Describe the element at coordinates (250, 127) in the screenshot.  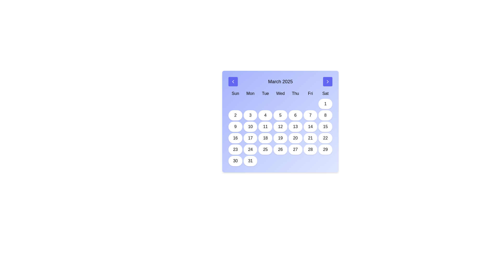
I see `the circular button with a white background and the number '10' in bold black font, located in the second row and second column of the calendar grid` at that location.